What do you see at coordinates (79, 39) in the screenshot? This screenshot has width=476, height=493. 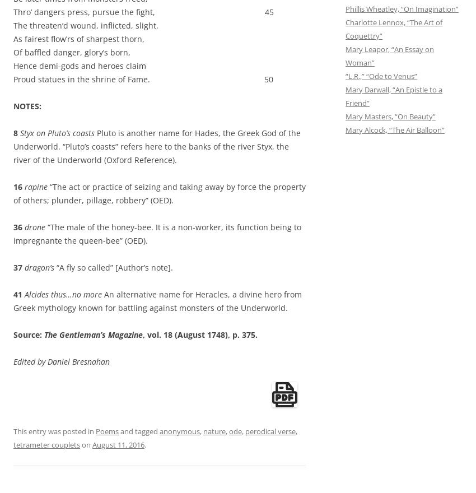 I see `'As fairest flow’rs of sharpest thorn,'` at bounding box center [79, 39].